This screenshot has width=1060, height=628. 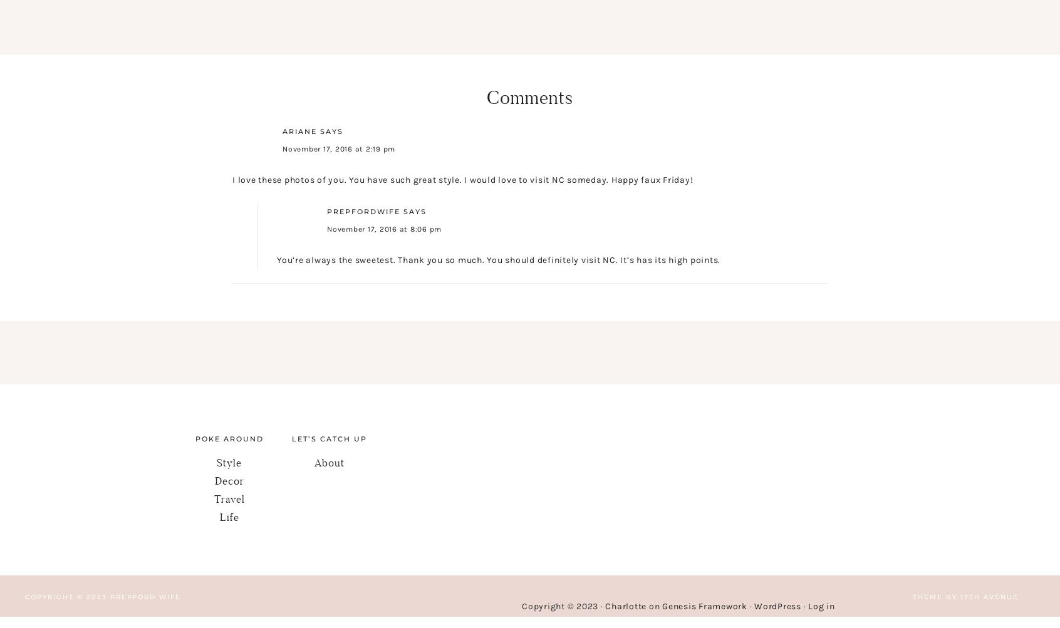 What do you see at coordinates (485, 96) in the screenshot?
I see `'Comments'` at bounding box center [485, 96].